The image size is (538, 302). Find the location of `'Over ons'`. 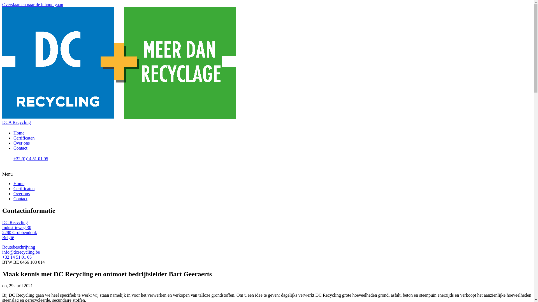

'Over ons' is located at coordinates (21, 193).